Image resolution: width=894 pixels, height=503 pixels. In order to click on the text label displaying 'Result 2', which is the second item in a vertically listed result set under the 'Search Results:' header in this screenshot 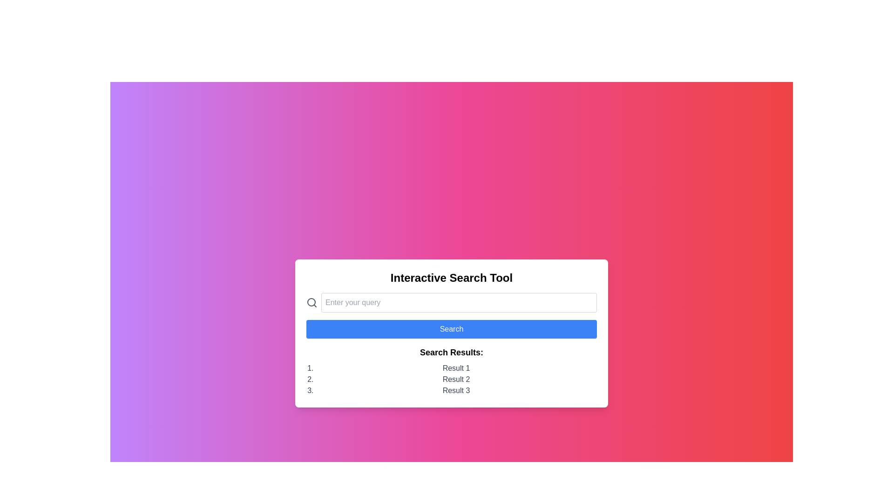, I will do `click(456, 379)`.